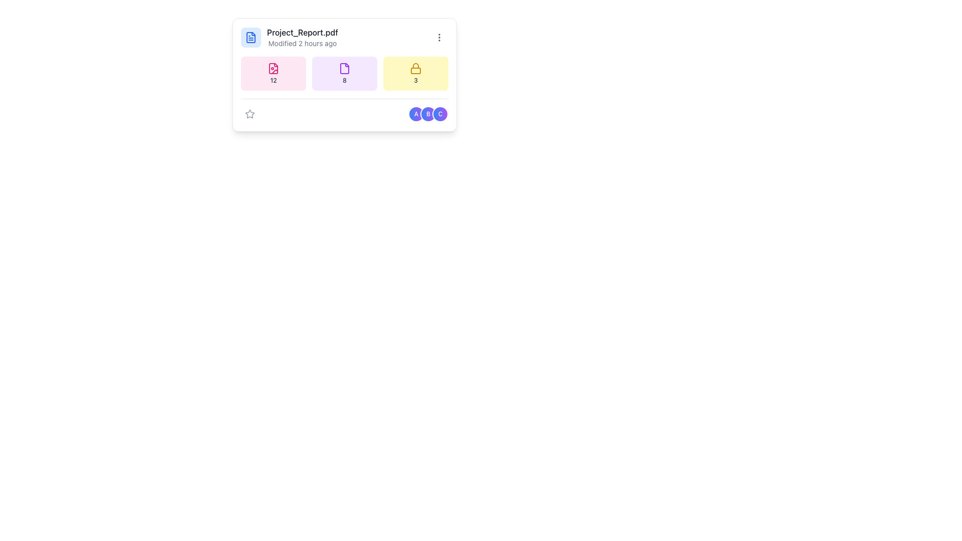 The image size is (962, 541). Describe the element at coordinates (416, 70) in the screenshot. I see `the bottom rectangular section of the lock icon within the yellow card on the rightmost side of the layout` at that location.